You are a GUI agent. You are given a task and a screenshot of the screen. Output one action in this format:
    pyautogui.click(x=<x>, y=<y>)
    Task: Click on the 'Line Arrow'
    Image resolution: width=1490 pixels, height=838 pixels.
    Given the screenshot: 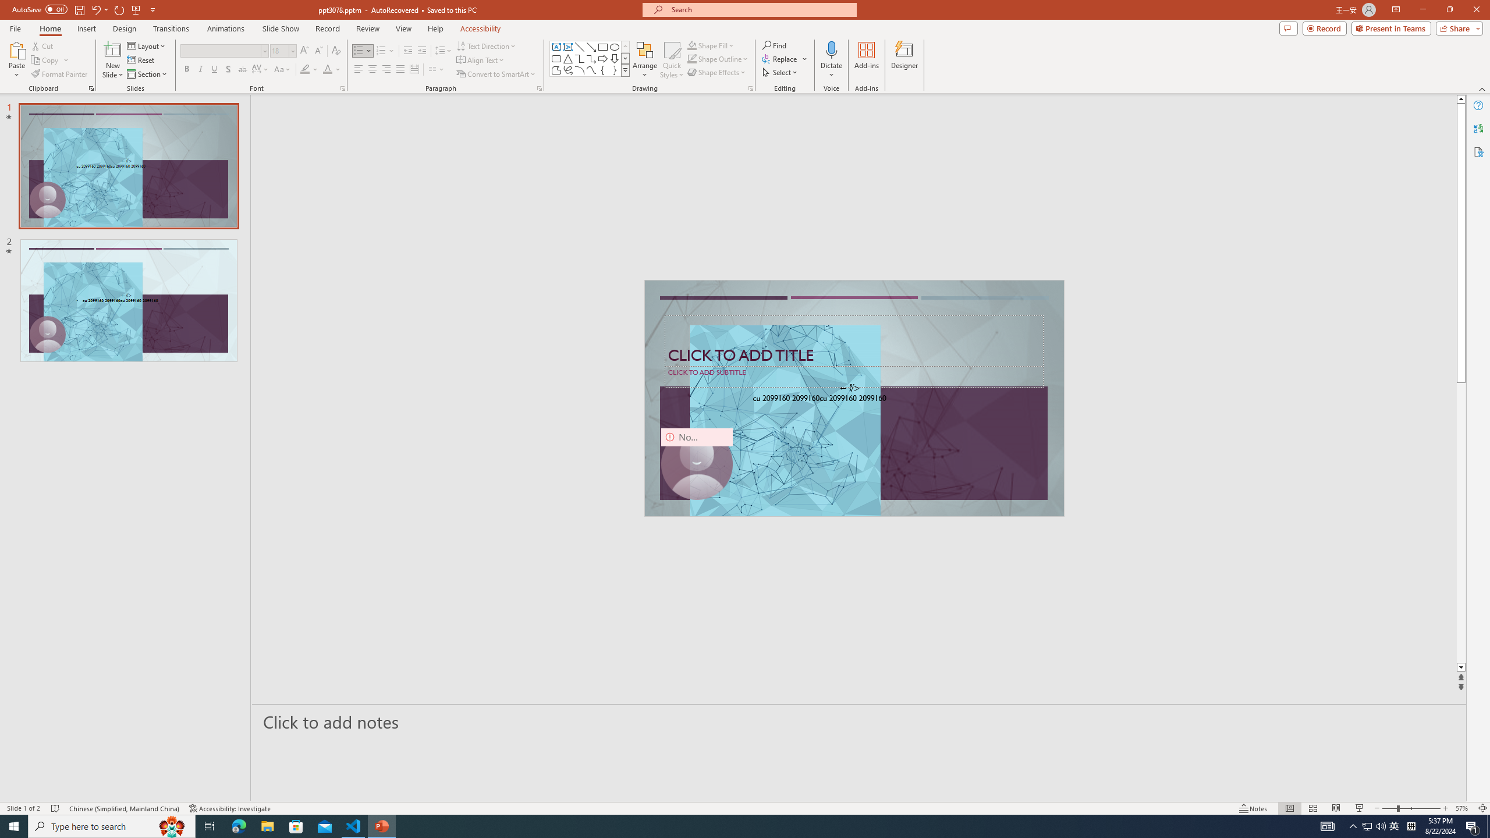 What is the action you would take?
    pyautogui.click(x=591, y=47)
    